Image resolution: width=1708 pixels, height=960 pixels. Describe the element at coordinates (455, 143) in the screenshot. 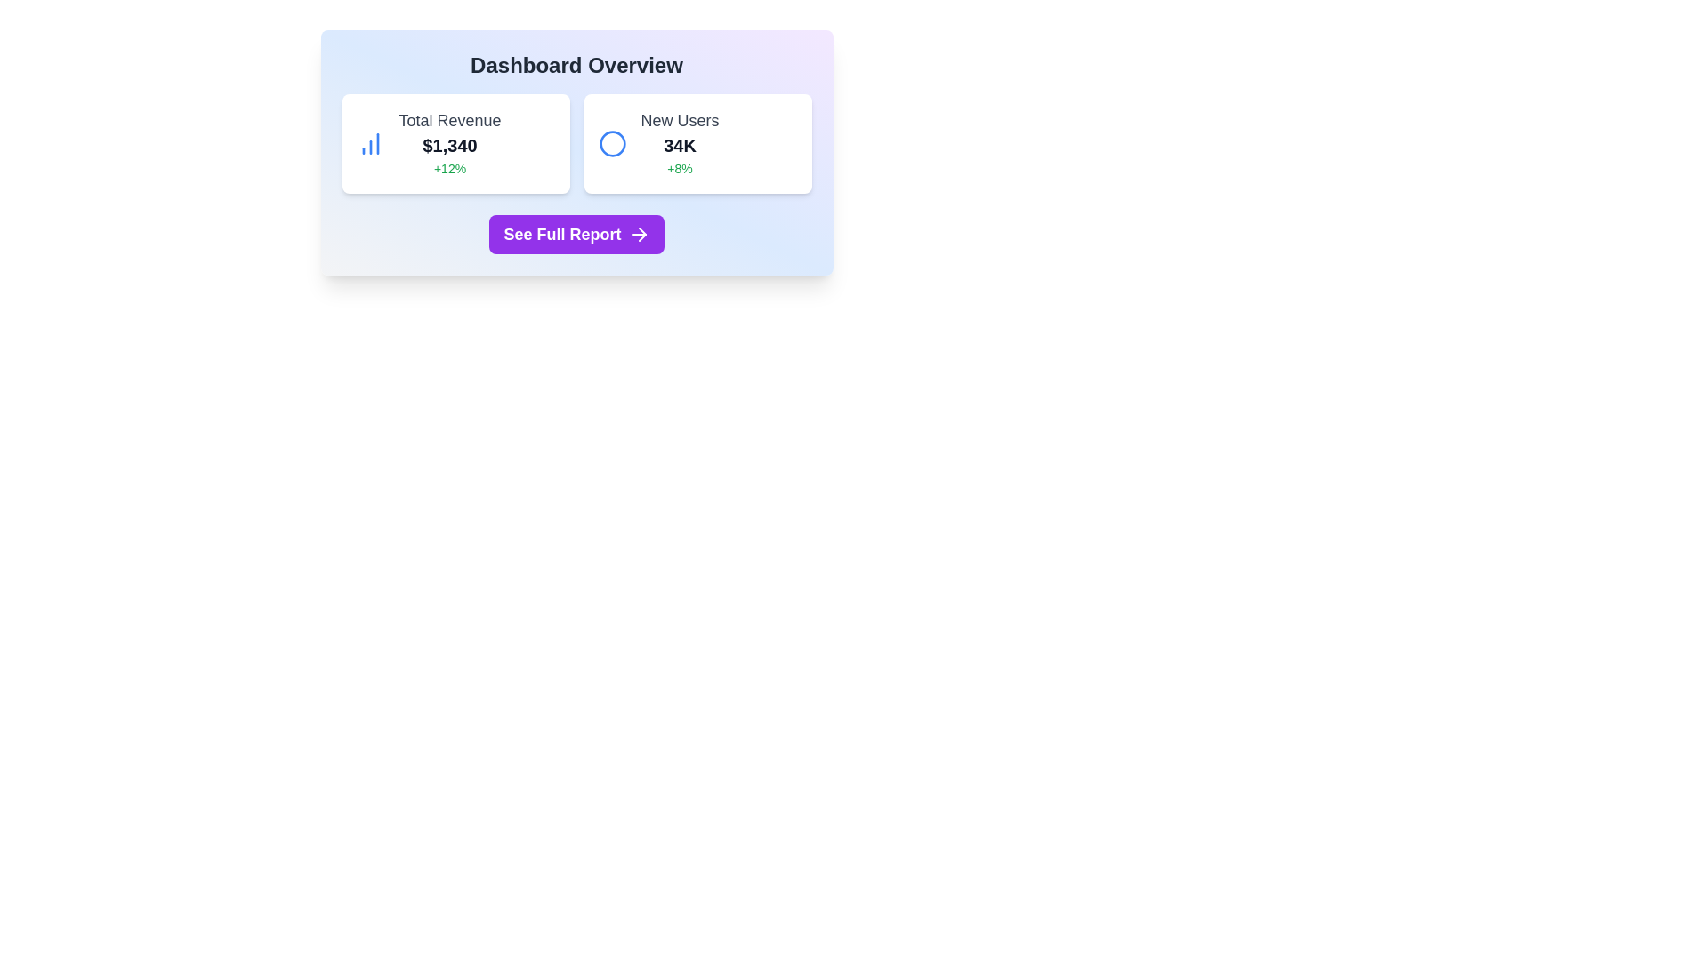

I see `the Information Card that displays revenue-related statistics, located in the top-left corner of the two-column grid layout` at that location.